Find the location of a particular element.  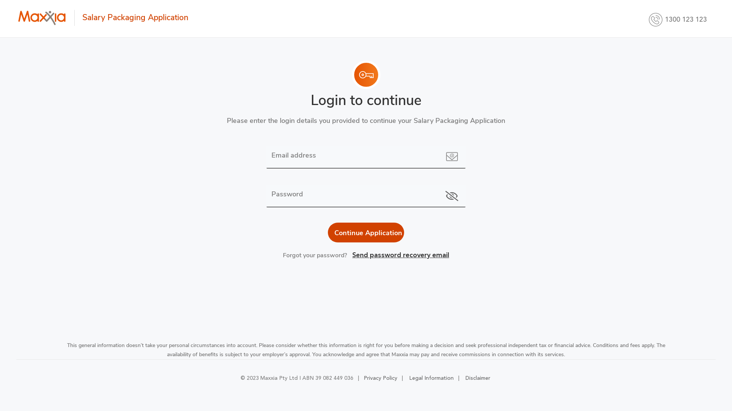

'Disclaimer' is located at coordinates (477, 378).